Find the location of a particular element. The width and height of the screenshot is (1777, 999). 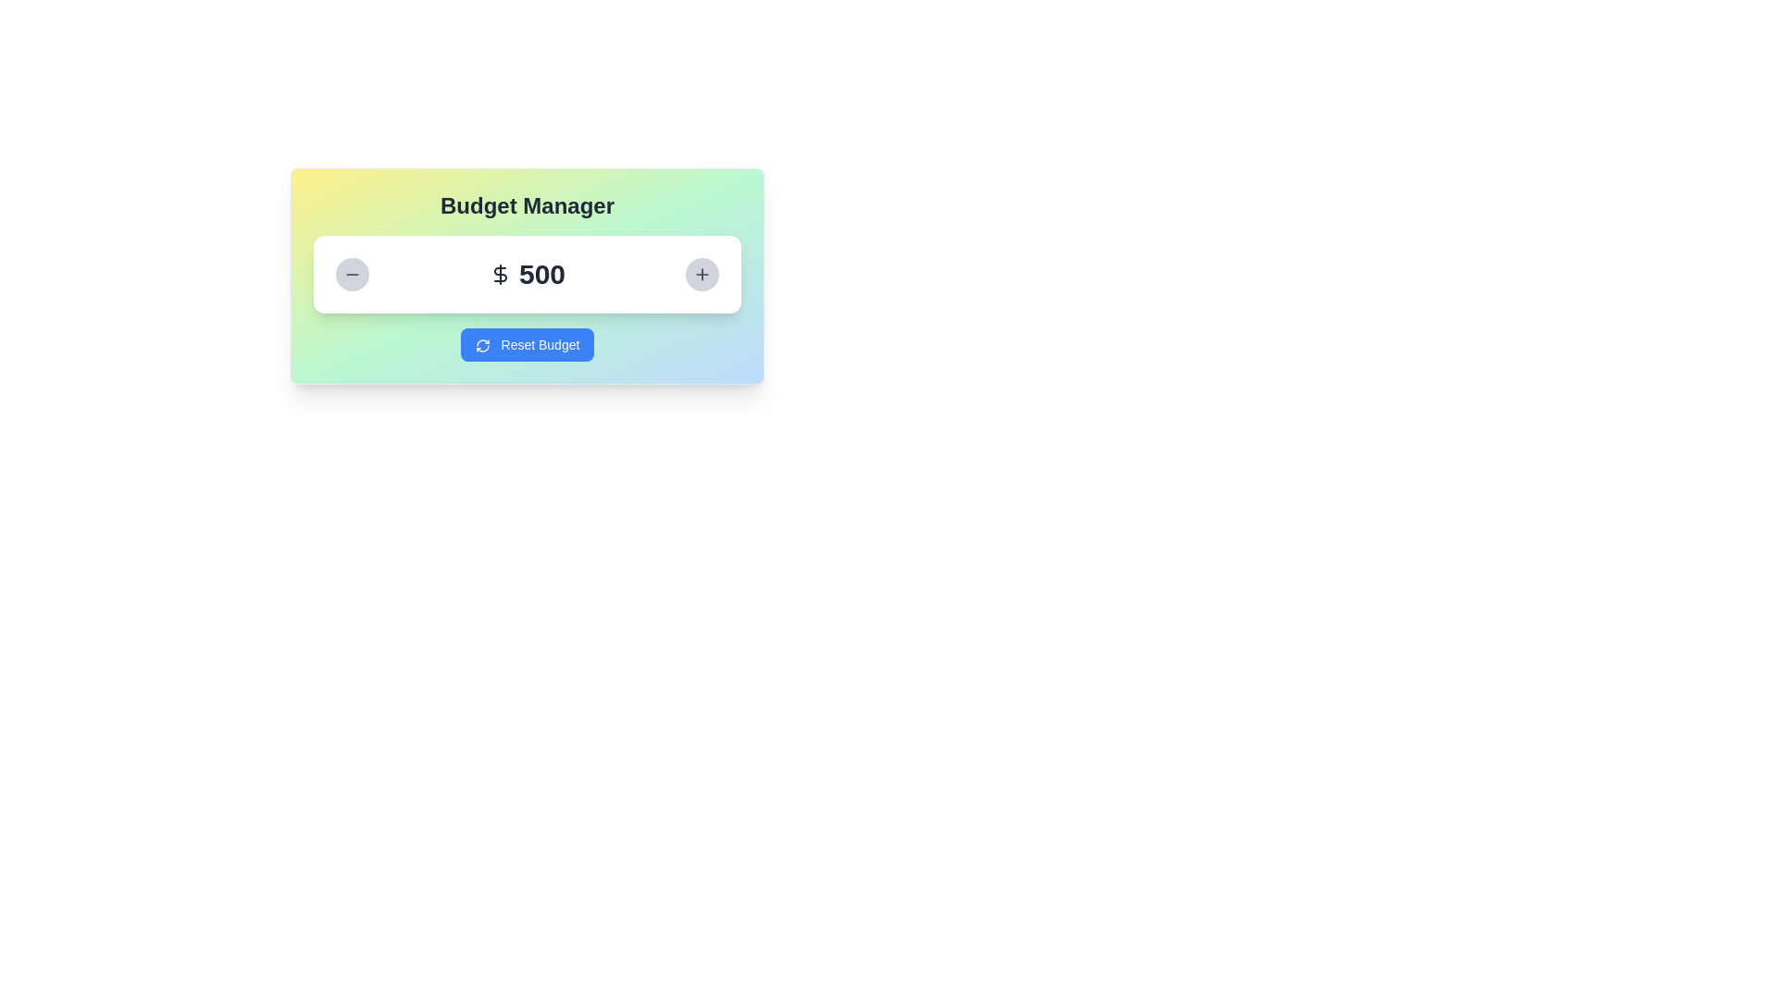

the reset button located at the bottom center of the 'Budget Manager' card to reset the budget value to its default state is located at coordinates (527, 345).